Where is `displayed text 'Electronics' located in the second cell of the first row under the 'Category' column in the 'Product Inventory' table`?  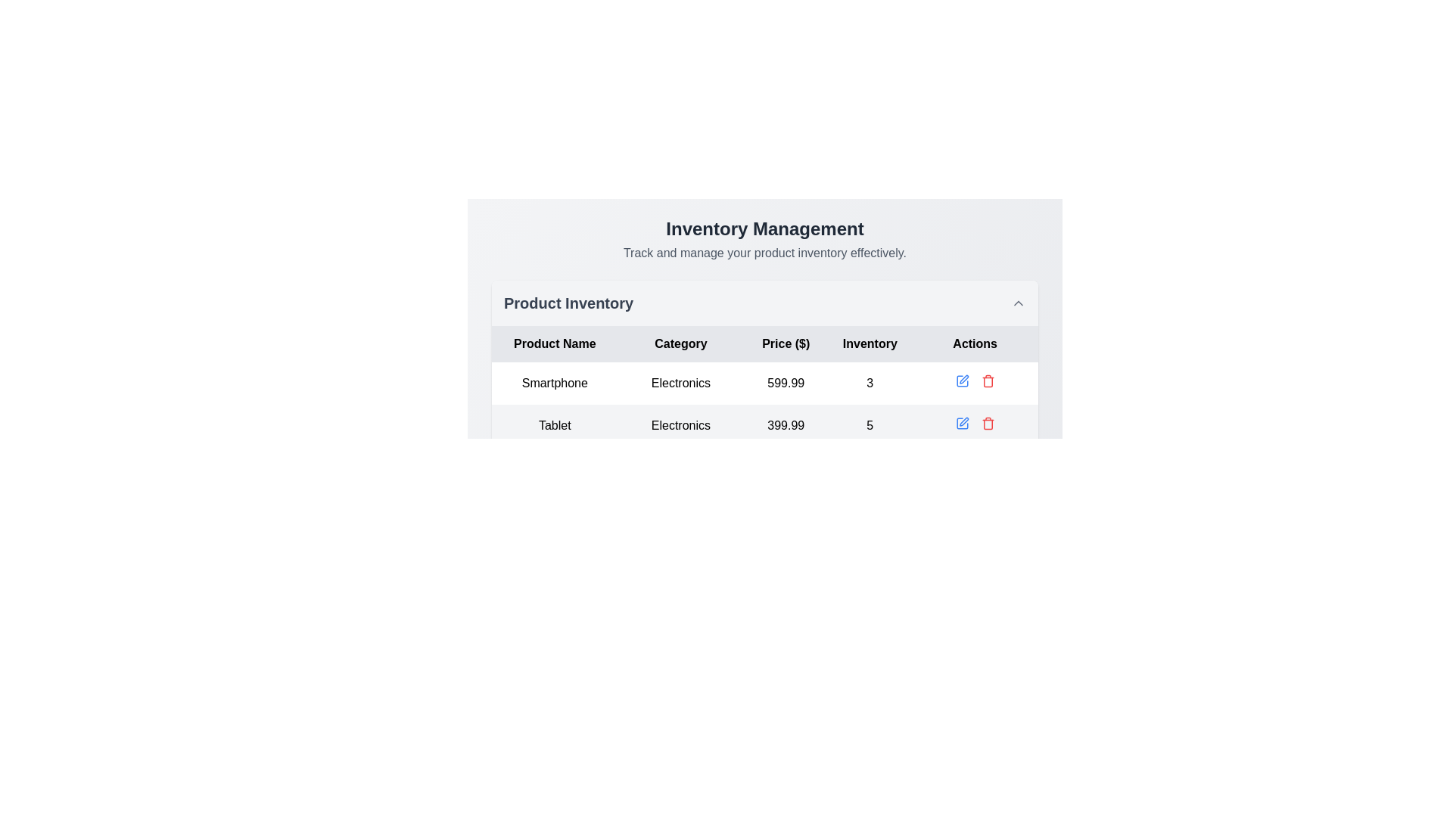
displayed text 'Electronics' located in the second cell of the first row under the 'Category' column in the 'Product Inventory' table is located at coordinates (680, 382).